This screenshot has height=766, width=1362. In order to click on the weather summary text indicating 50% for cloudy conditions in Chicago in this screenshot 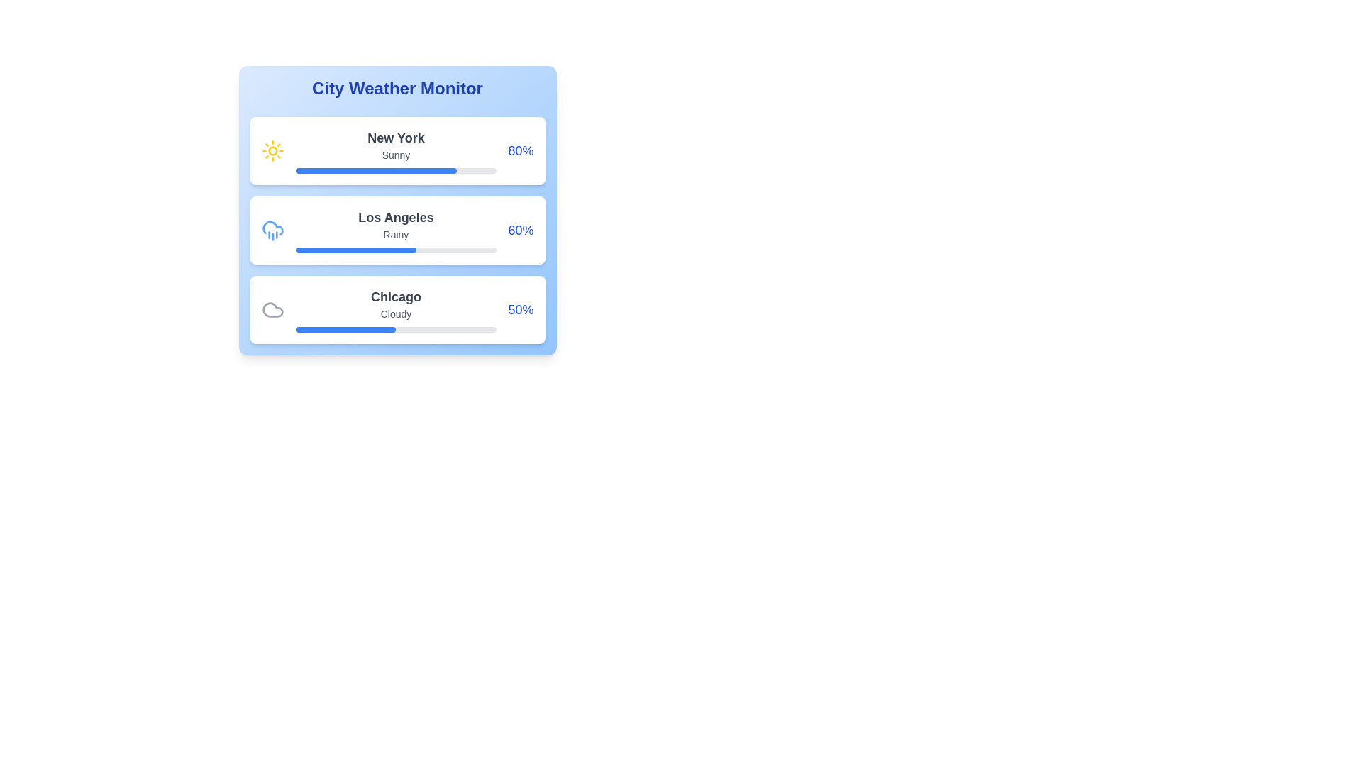, I will do `click(396, 309)`.